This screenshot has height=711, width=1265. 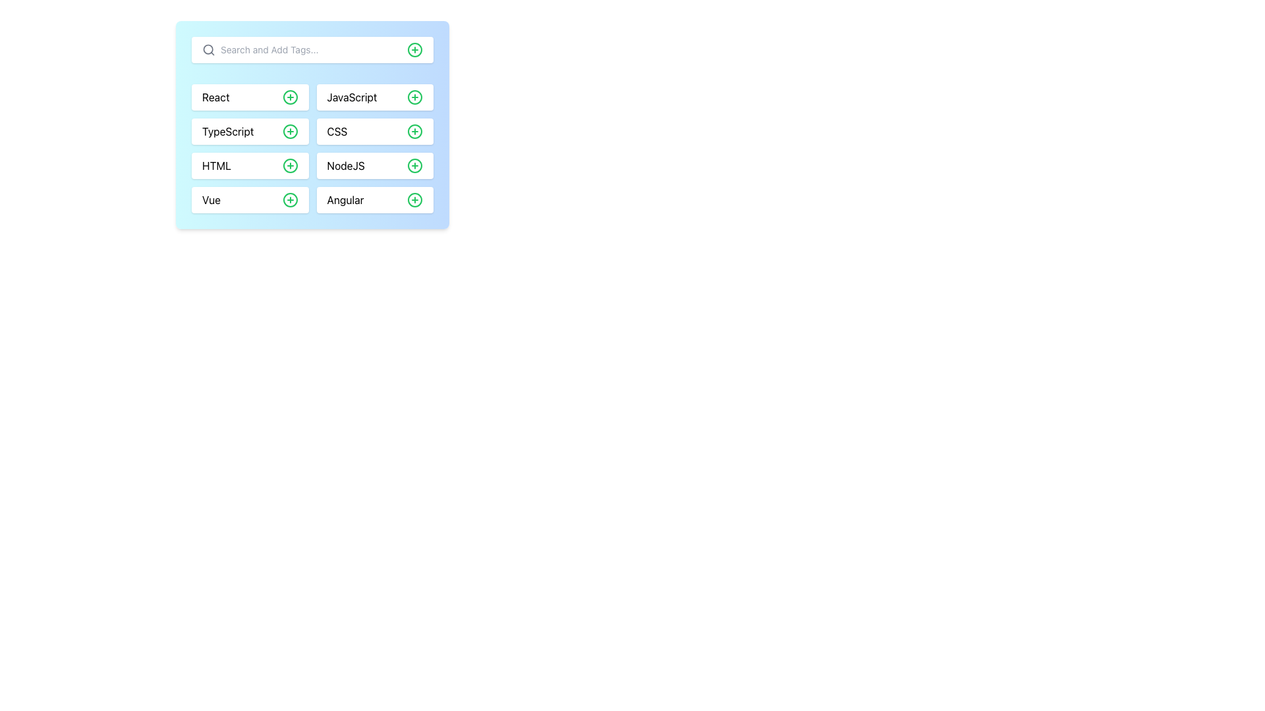 What do you see at coordinates (414, 49) in the screenshot?
I see `the circular outline within the plus icon located in the top-right corner of the interface near the search bar` at bounding box center [414, 49].